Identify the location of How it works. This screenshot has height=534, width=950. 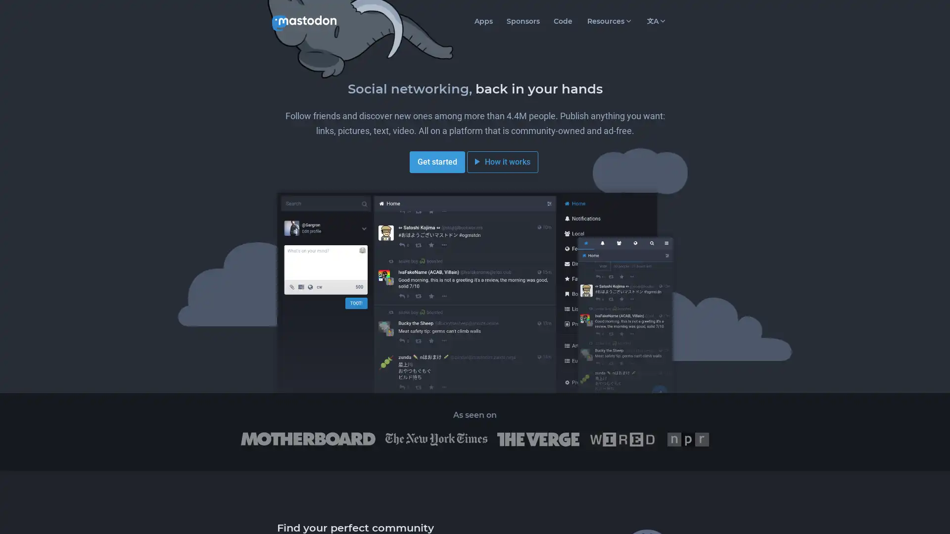
(503, 161).